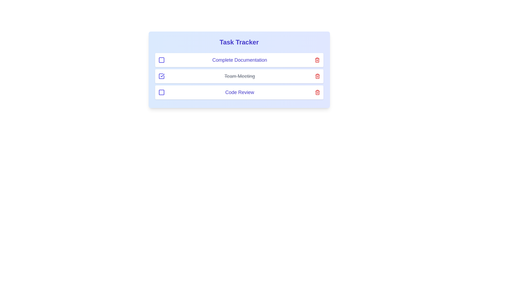 This screenshot has height=291, width=518. Describe the element at coordinates (161, 92) in the screenshot. I see `the square-shaped checkbox with a blue border located within the 'Code Review' task card` at that location.